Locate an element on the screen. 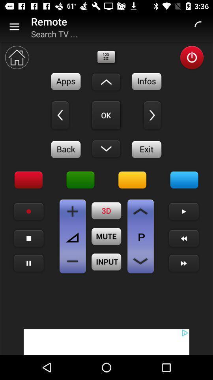  3d button is located at coordinates (106, 210).